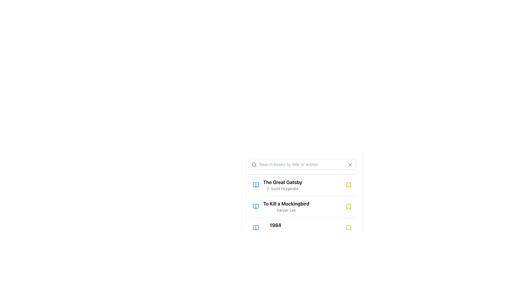  Describe the element at coordinates (349, 227) in the screenshot. I see `the Bookmark icon located to the far right of the entry for the book '1984' by George Orwell` at that location.